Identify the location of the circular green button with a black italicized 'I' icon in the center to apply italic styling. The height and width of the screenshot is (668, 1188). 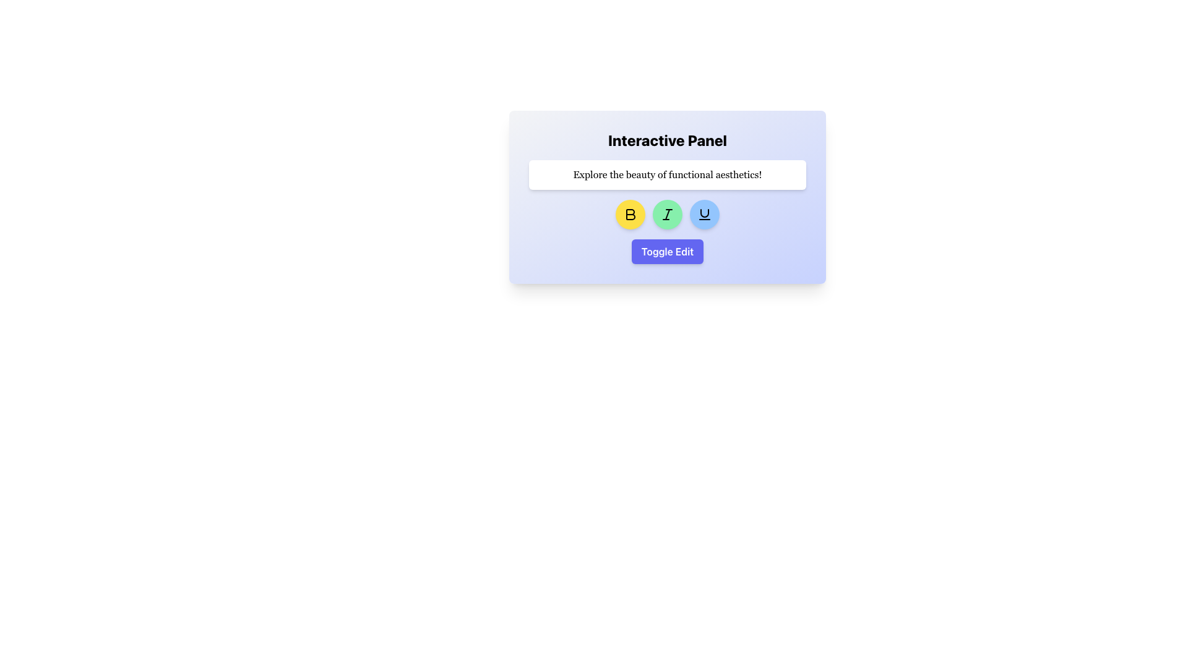
(667, 214).